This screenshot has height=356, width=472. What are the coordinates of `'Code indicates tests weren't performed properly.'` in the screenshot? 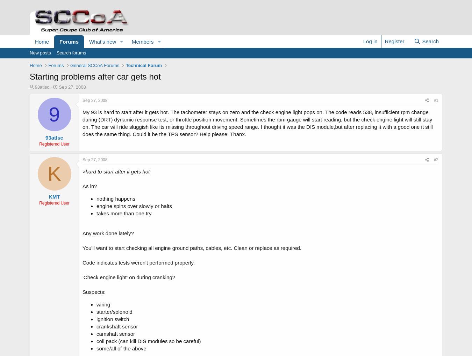 It's located at (82, 262).